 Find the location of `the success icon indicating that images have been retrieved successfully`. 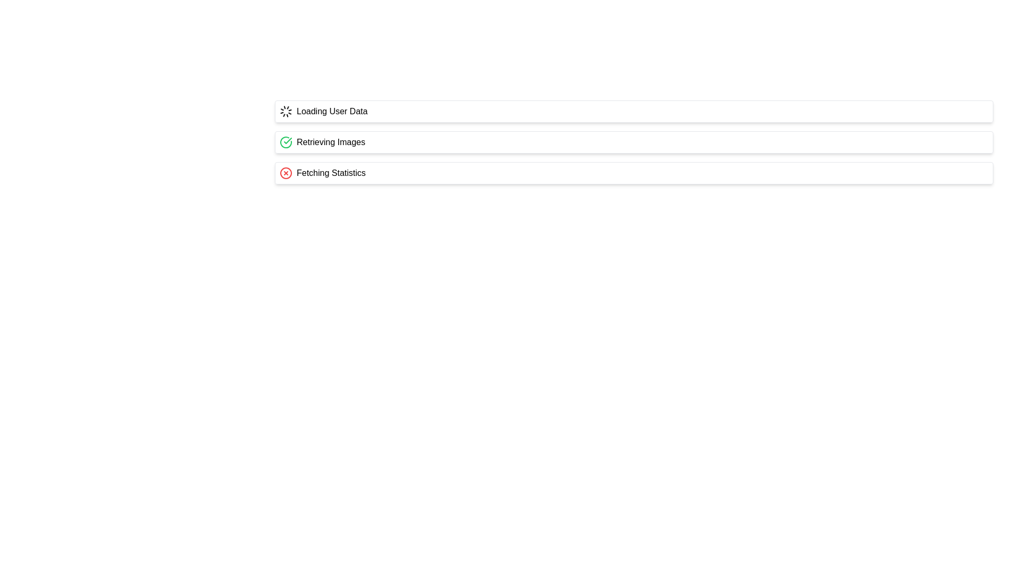

the success icon indicating that images have been retrieved successfully is located at coordinates (286, 141).